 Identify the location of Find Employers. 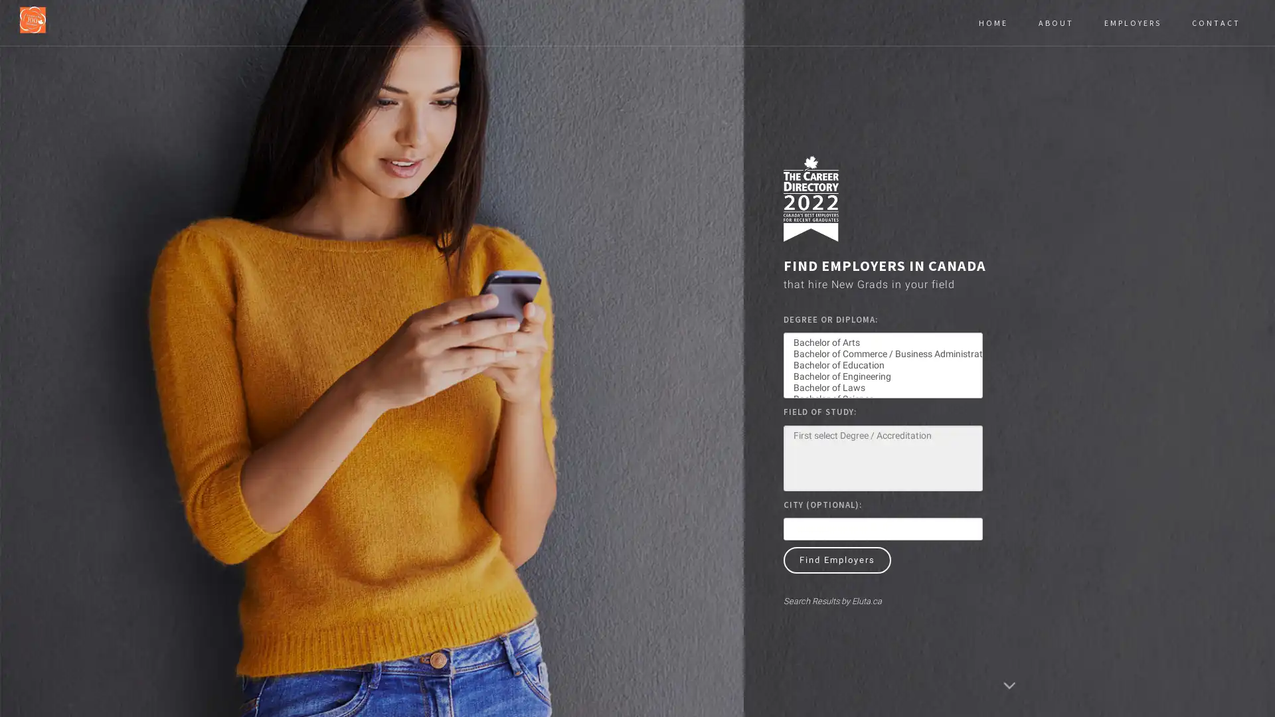
(837, 560).